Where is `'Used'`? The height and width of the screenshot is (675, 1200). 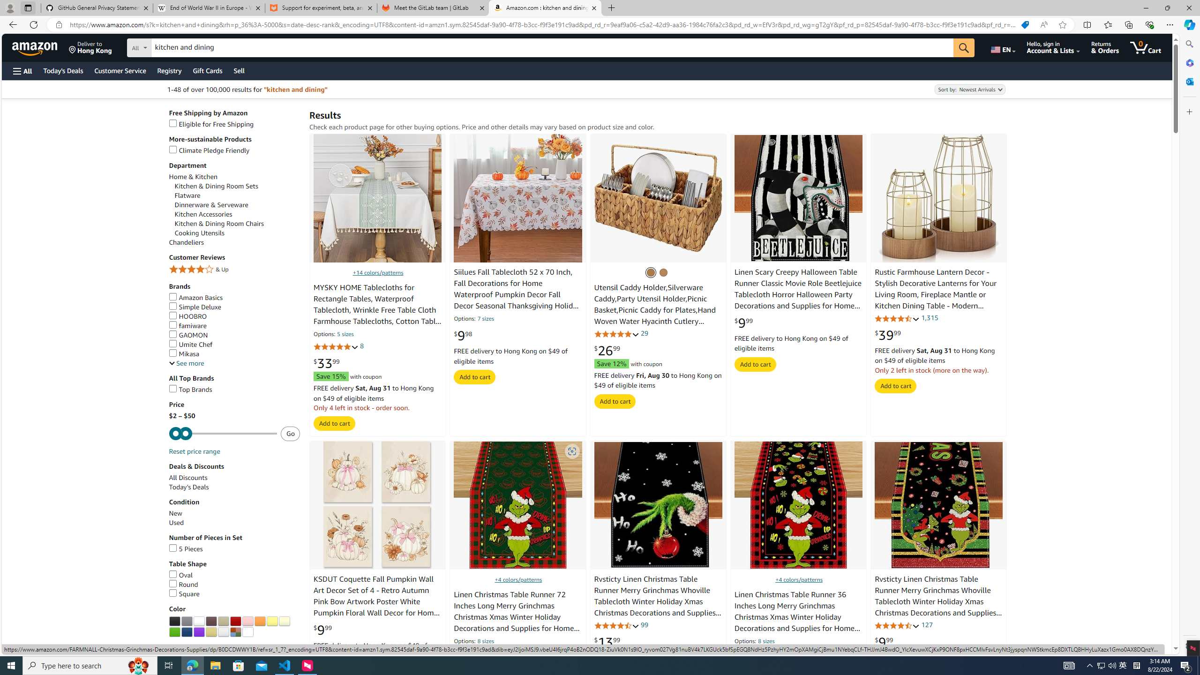
'Used' is located at coordinates (176, 522).